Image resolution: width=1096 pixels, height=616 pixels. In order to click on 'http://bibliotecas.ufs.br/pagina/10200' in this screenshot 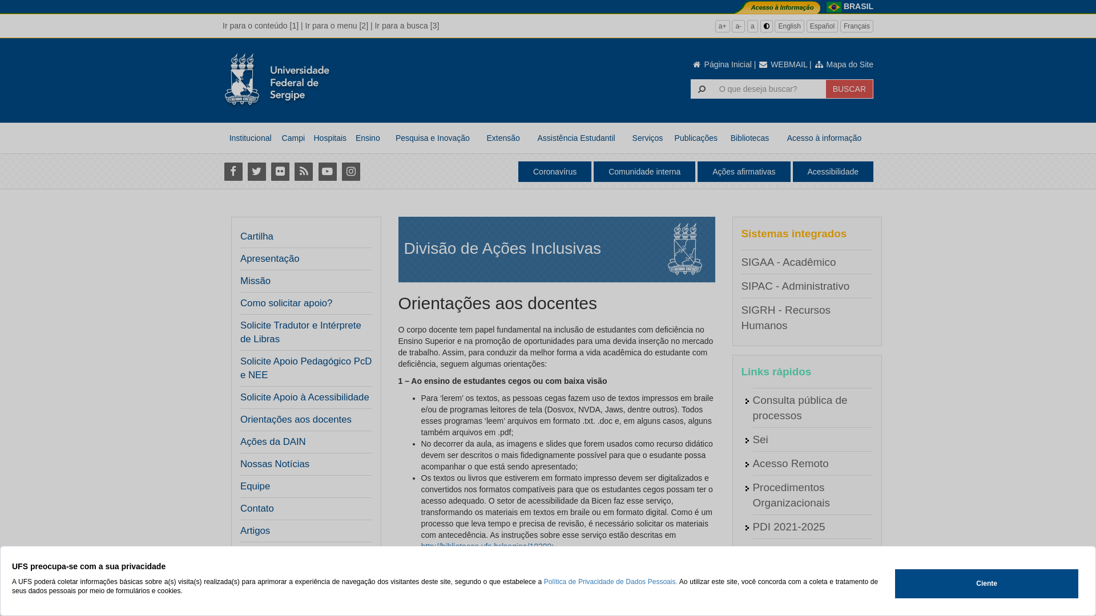, I will do `click(486, 545)`.